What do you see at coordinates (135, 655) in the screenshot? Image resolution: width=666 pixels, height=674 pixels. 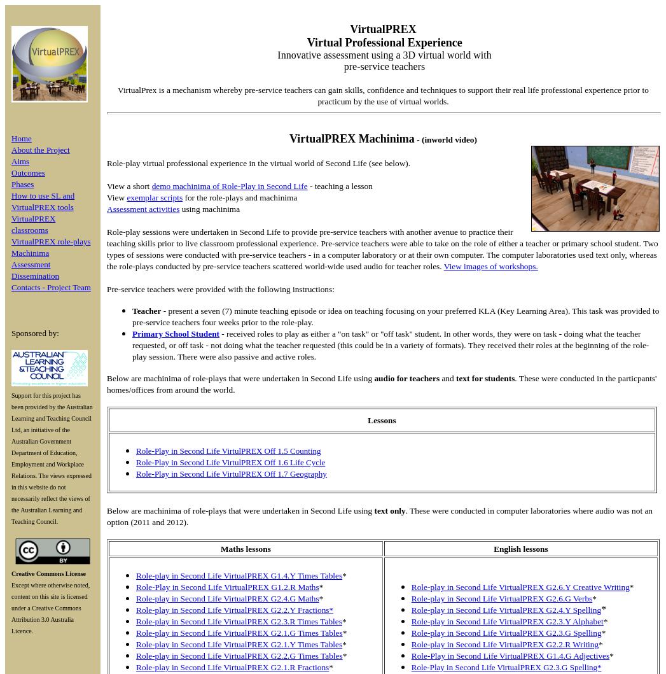 I see `'Role-play in Second Life VirtualPREX G2.2.G Times Tables'` at bounding box center [135, 655].